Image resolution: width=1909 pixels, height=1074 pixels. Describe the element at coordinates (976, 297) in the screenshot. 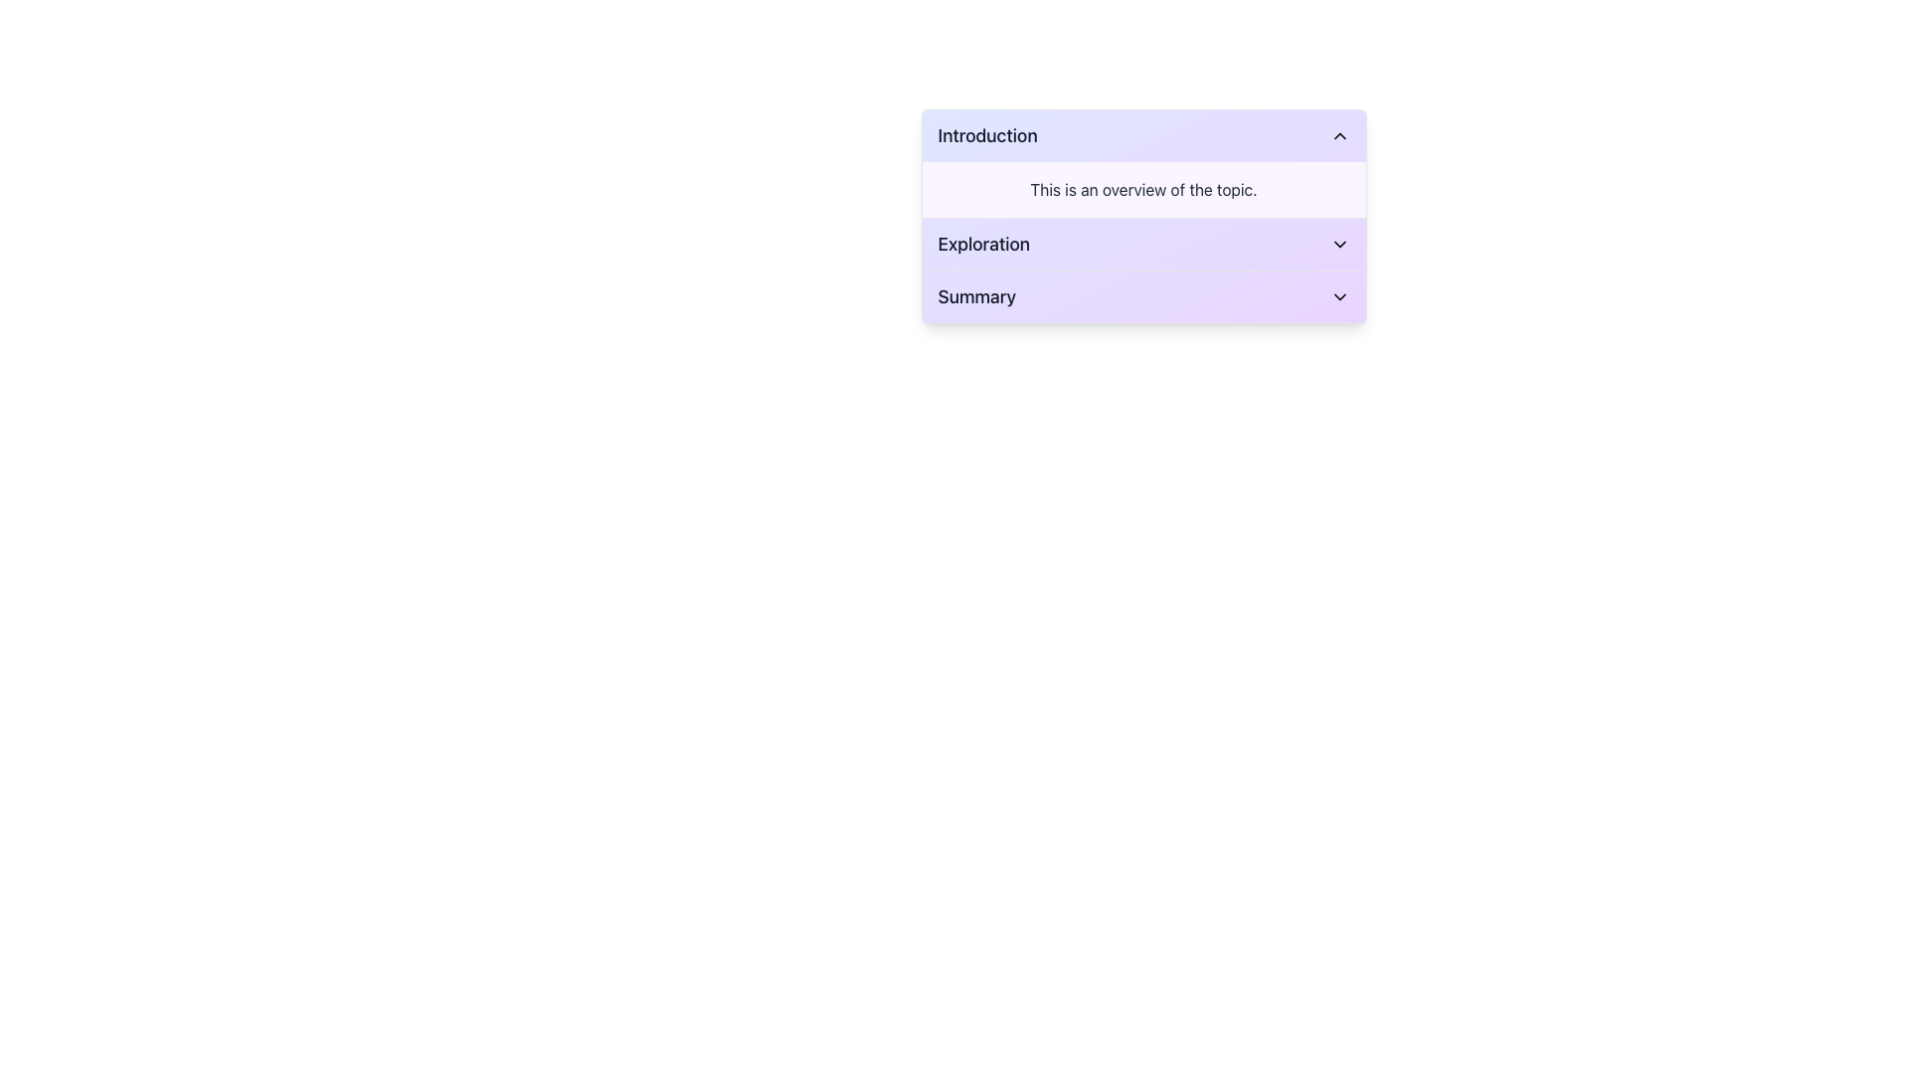

I see `the 'Summary' text label` at that location.